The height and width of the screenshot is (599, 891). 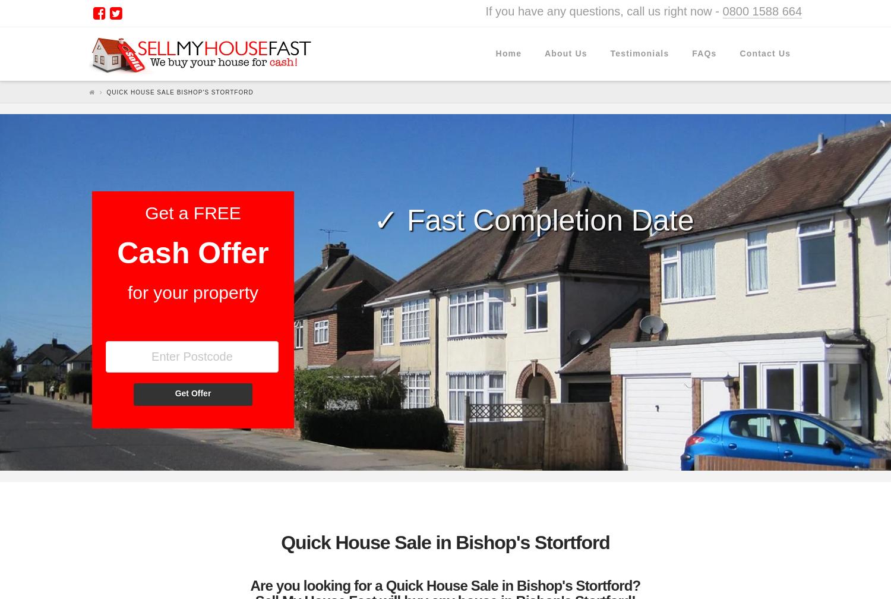 I want to click on 'Cash Offer', so click(x=192, y=253).